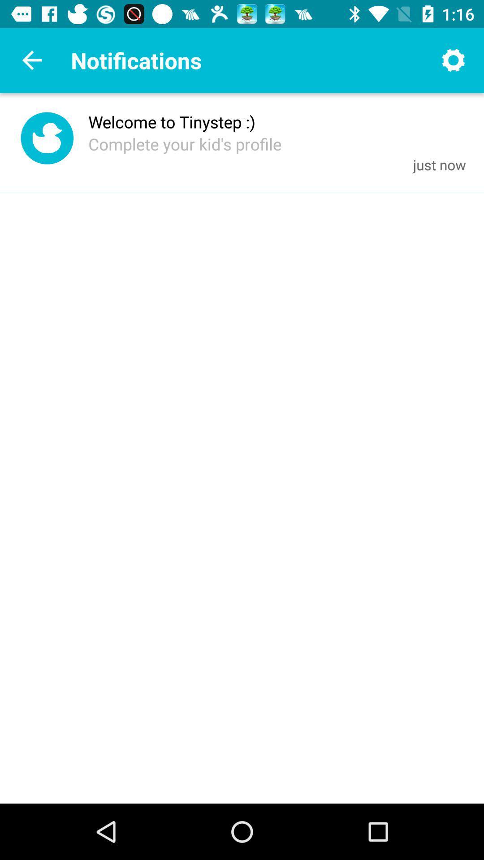 The width and height of the screenshot is (484, 860). Describe the element at coordinates (172, 121) in the screenshot. I see `welcome to tinystep :)` at that location.